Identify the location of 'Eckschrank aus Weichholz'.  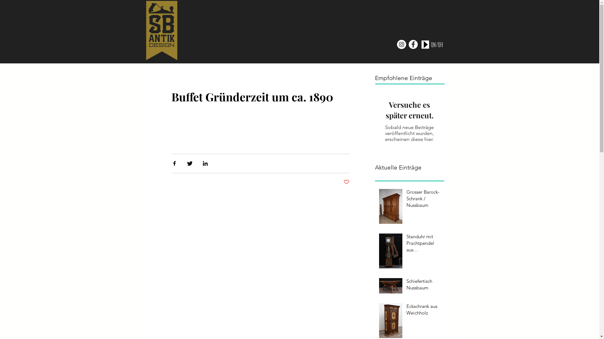
(423, 311).